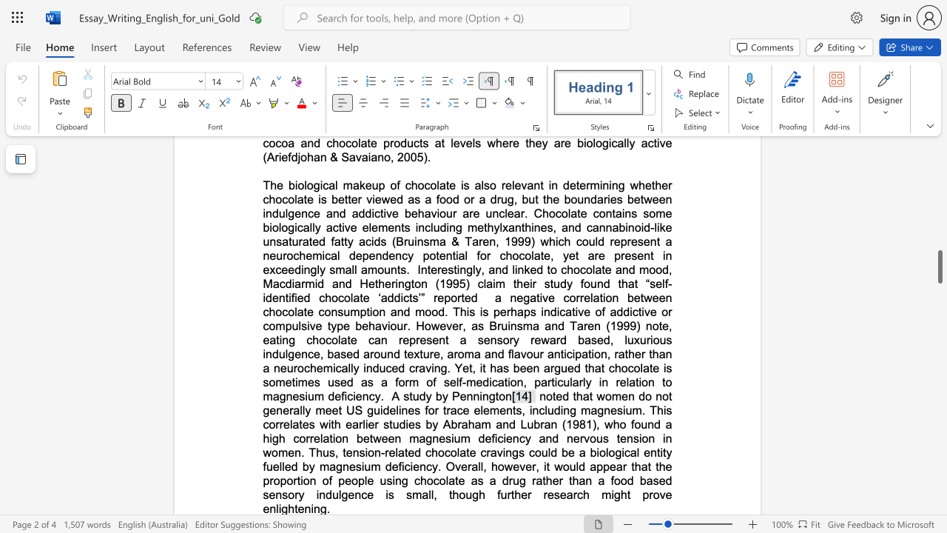 The width and height of the screenshot is (947, 533). Describe the element at coordinates (939, 348) in the screenshot. I see `the scrollbar to move the page upward` at that location.